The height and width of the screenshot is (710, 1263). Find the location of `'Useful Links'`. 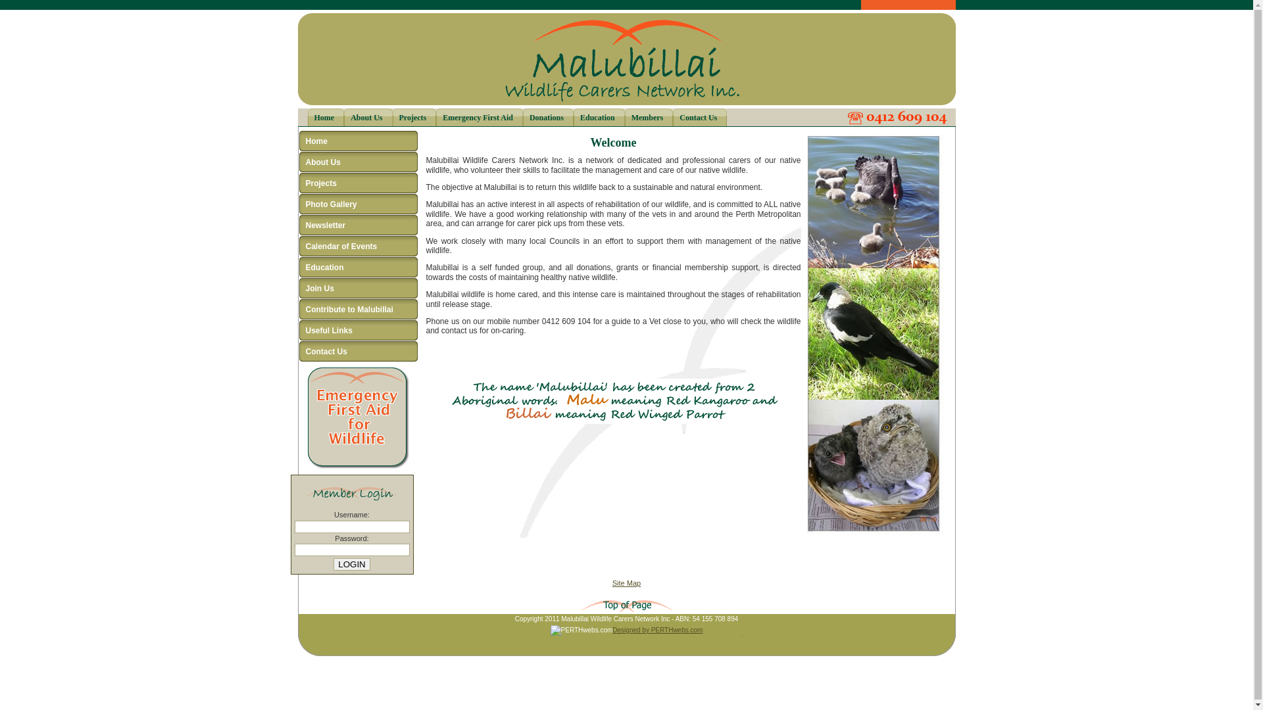

'Useful Links' is located at coordinates (357, 329).